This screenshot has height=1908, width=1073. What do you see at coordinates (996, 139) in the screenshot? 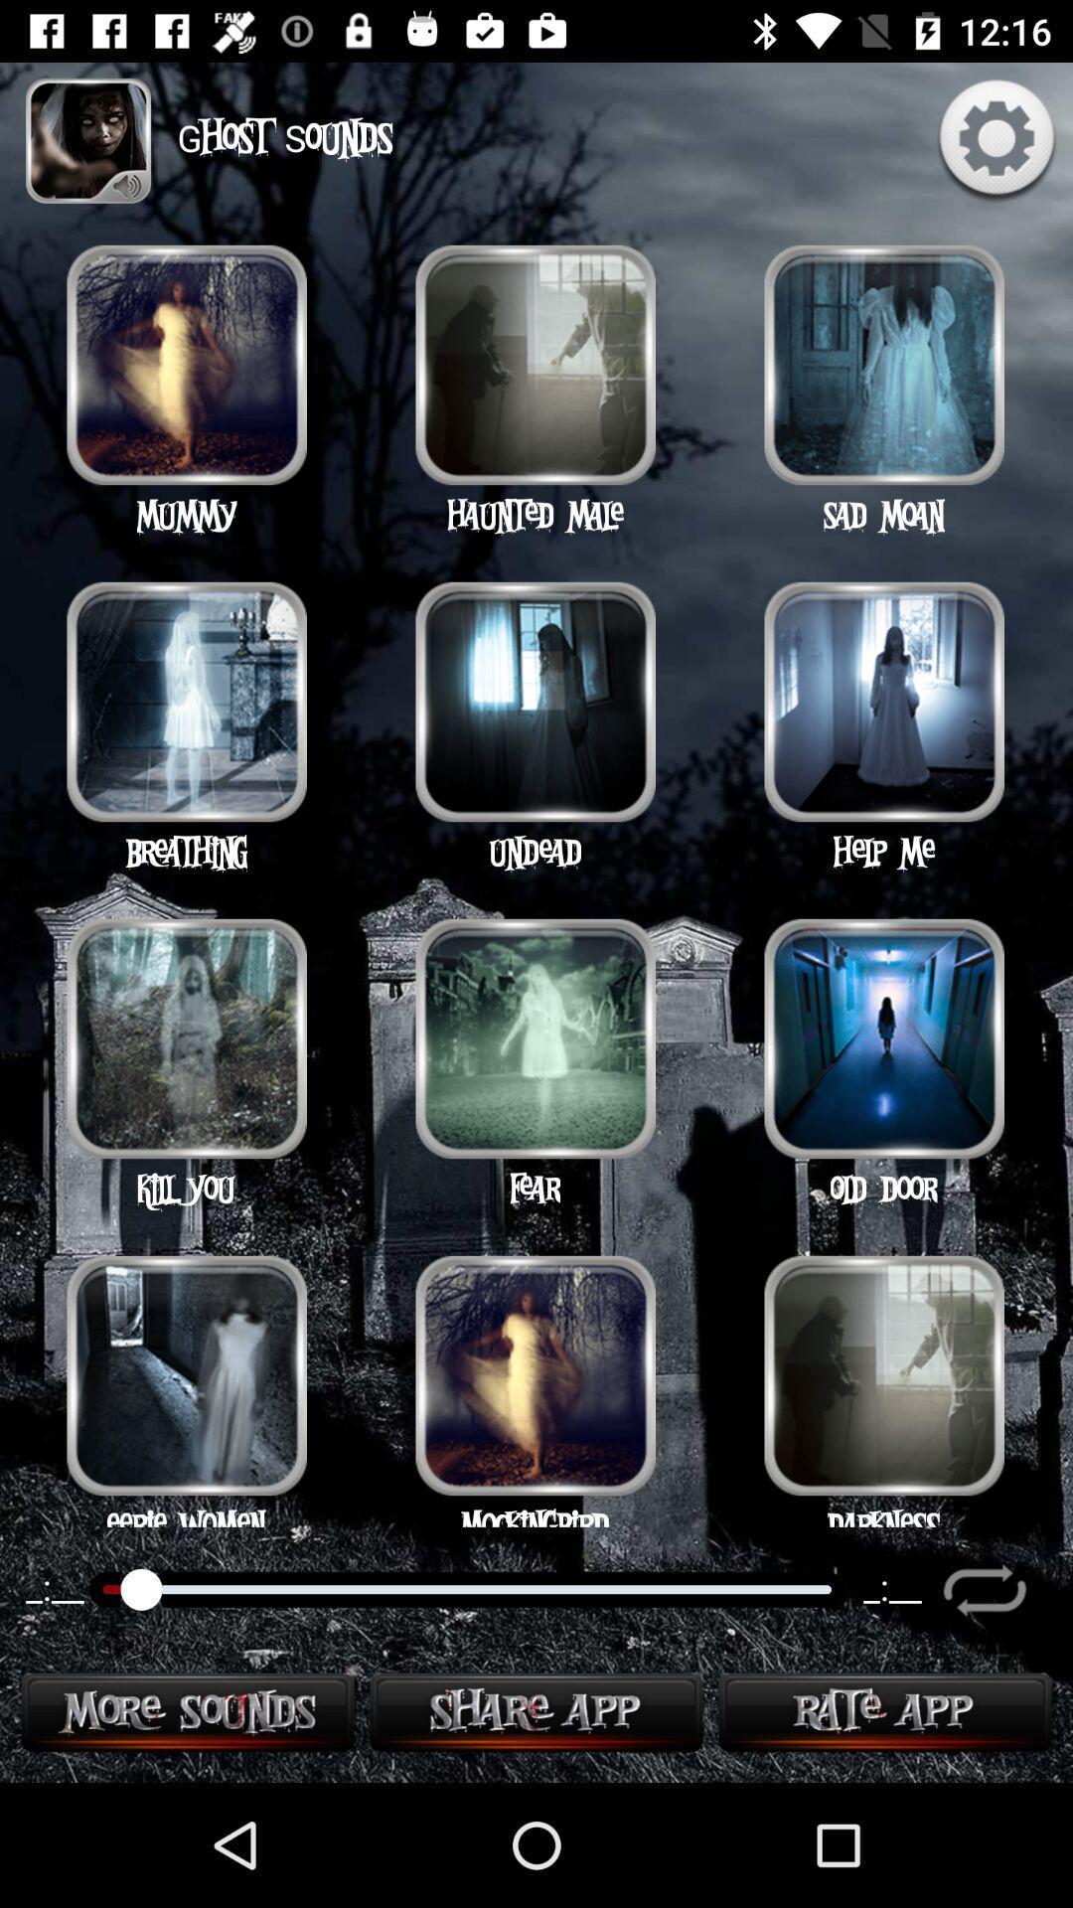
I see `the settings icon` at bounding box center [996, 139].